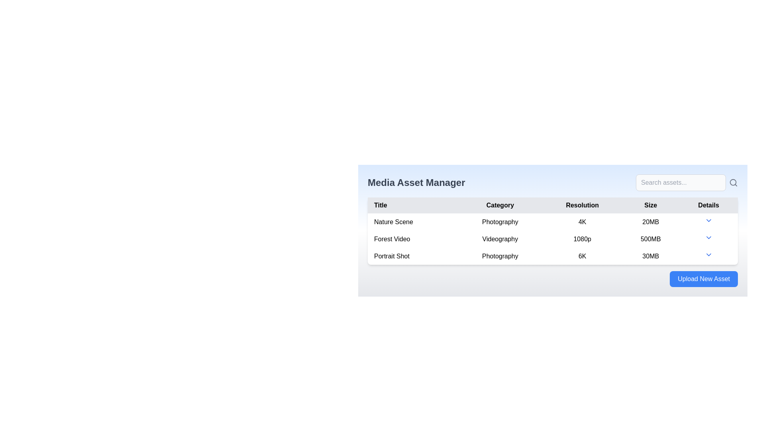  What do you see at coordinates (708, 256) in the screenshot?
I see `the dropdown trigger/icon in the 'Details' column of the third row associated with 'Portrait Shot'` at bounding box center [708, 256].